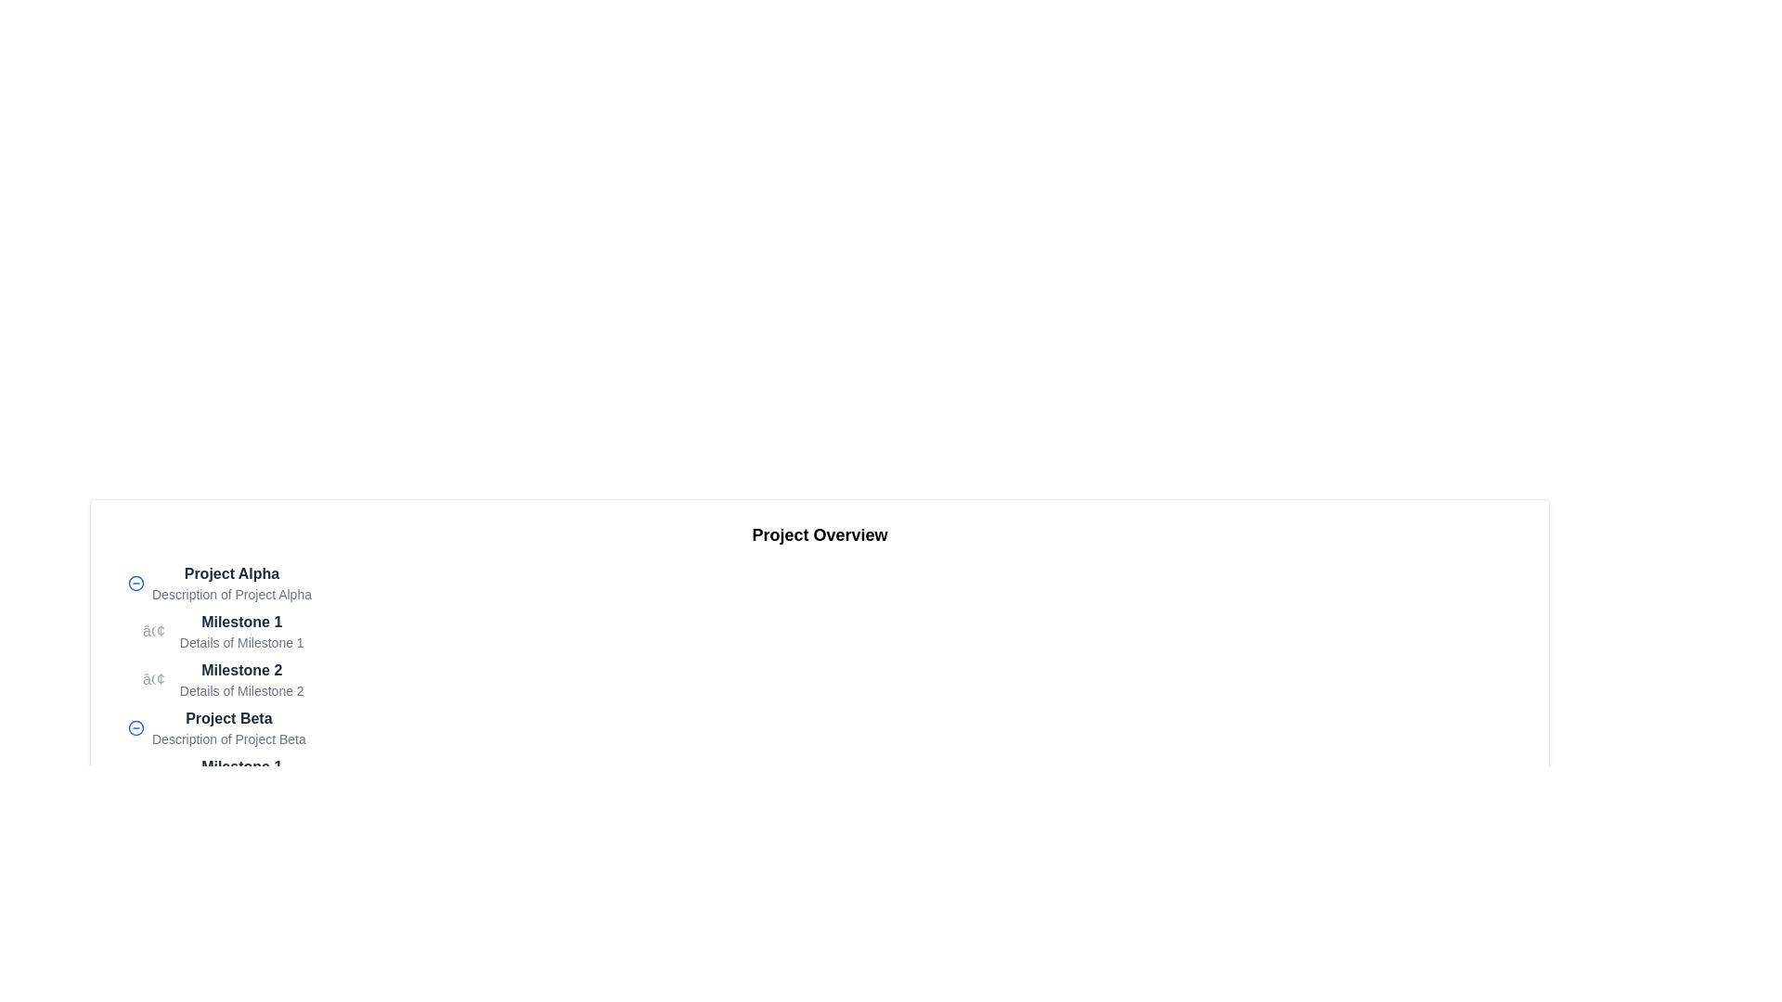 This screenshot has width=1782, height=1002. What do you see at coordinates (153, 679) in the screenshot?
I see `the bullet symbol element that indicates 'Milestone 2', which is a gray-colored decorative bullet point positioned to the leftmost part of the row containing the milestone details` at bounding box center [153, 679].